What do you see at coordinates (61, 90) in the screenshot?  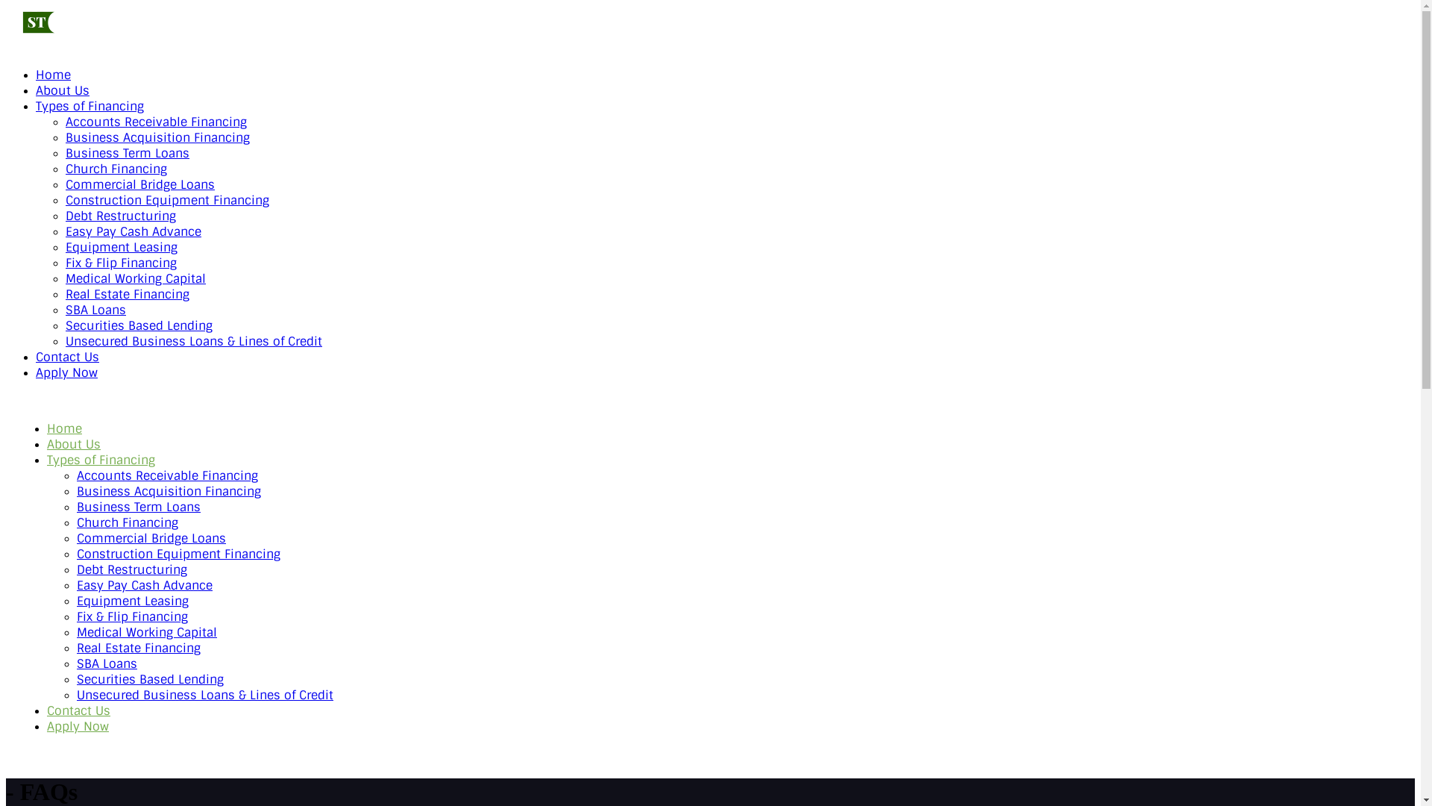 I see `'About Us'` at bounding box center [61, 90].